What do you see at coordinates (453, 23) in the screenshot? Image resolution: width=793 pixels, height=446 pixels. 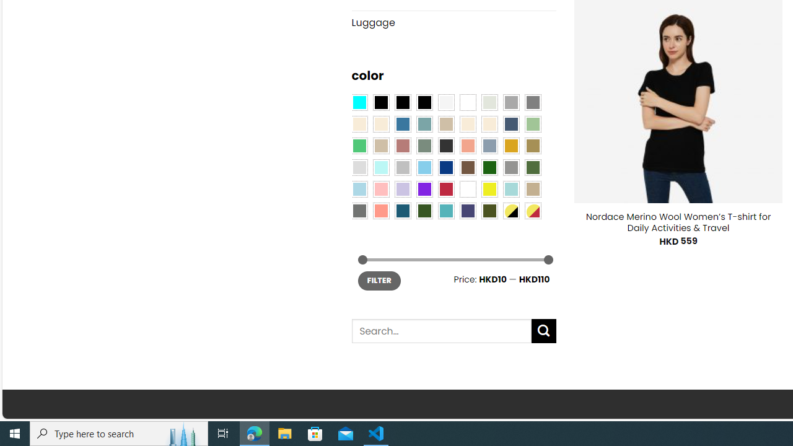 I see `'Luggage'` at bounding box center [453, 23].